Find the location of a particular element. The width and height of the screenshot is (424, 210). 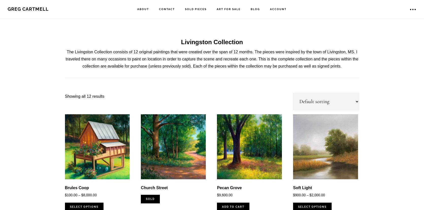

'Add to cart' is located at coordinates (233, 206).